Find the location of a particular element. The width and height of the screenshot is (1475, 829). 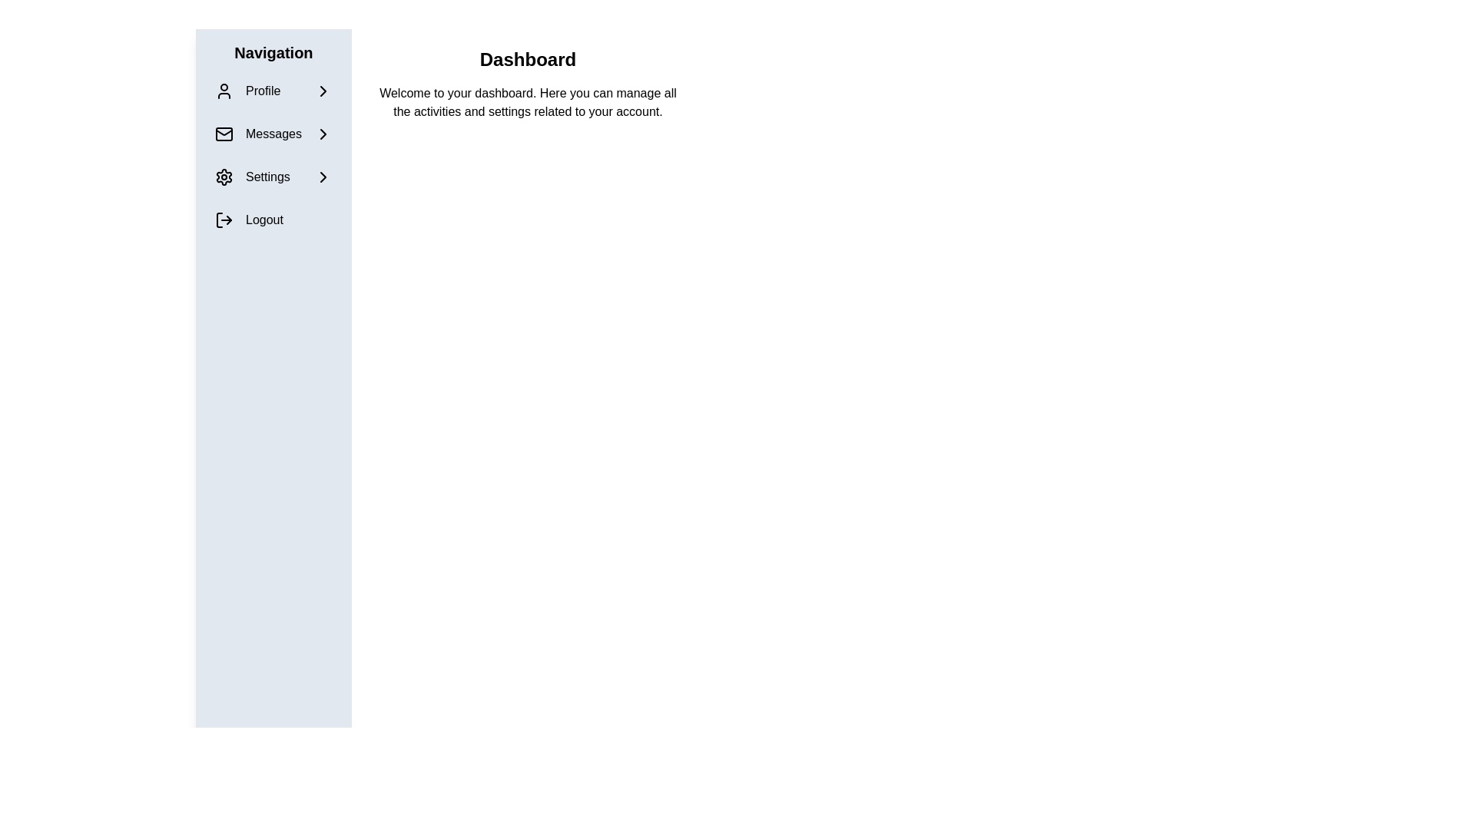

the 'Settings' vector graphic icon located in the left sidebar, adjacent to the 'Settings' label is located at coordinates (224, 177).